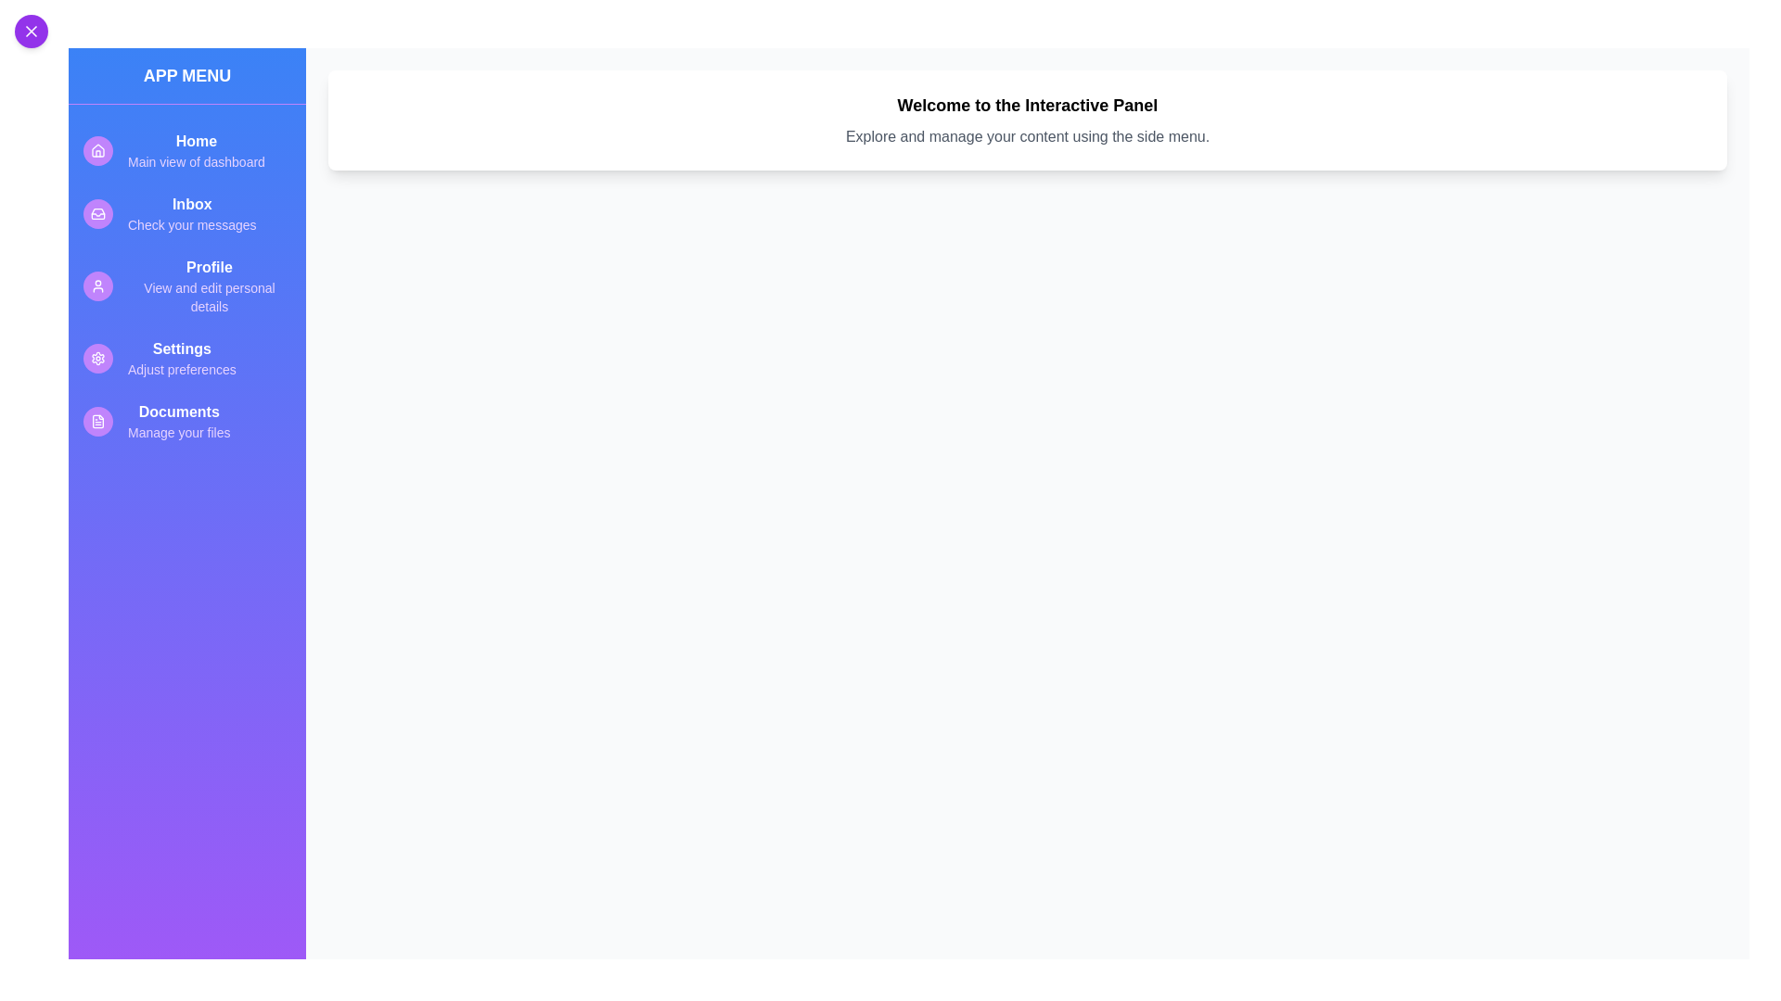 The image size is (1781, 1001). I want to click on the menu item corresponding to Profile, so click(186, 285).